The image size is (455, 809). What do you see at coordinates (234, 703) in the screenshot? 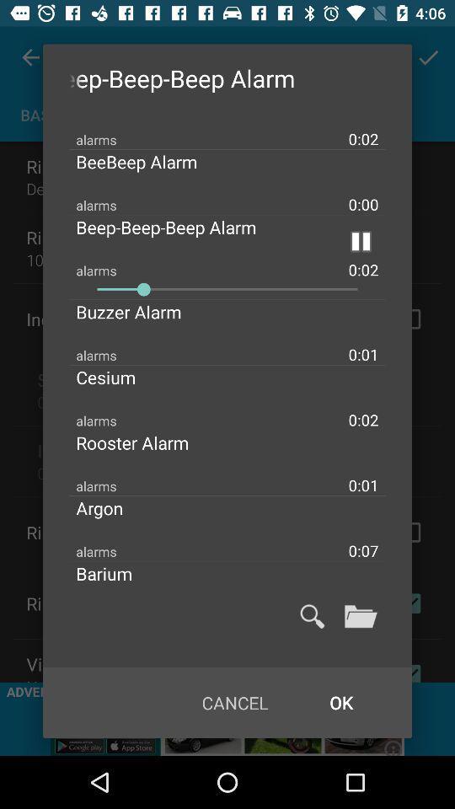
I see `item to the left of the ok` at bounding box center [234, 703].